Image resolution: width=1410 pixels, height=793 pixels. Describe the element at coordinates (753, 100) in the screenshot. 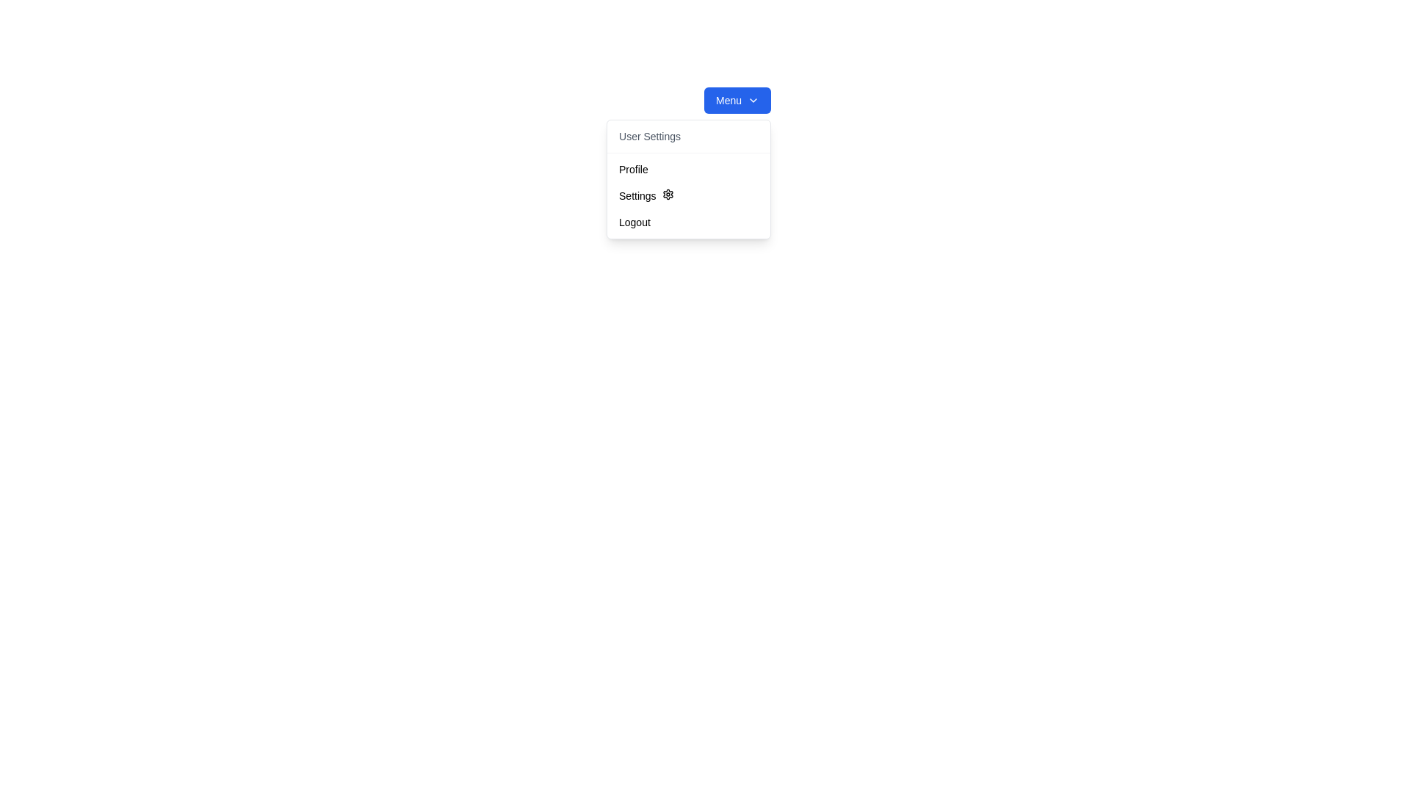

I see `the chevron icon located on the right side of the 'Menu' button` at that location.